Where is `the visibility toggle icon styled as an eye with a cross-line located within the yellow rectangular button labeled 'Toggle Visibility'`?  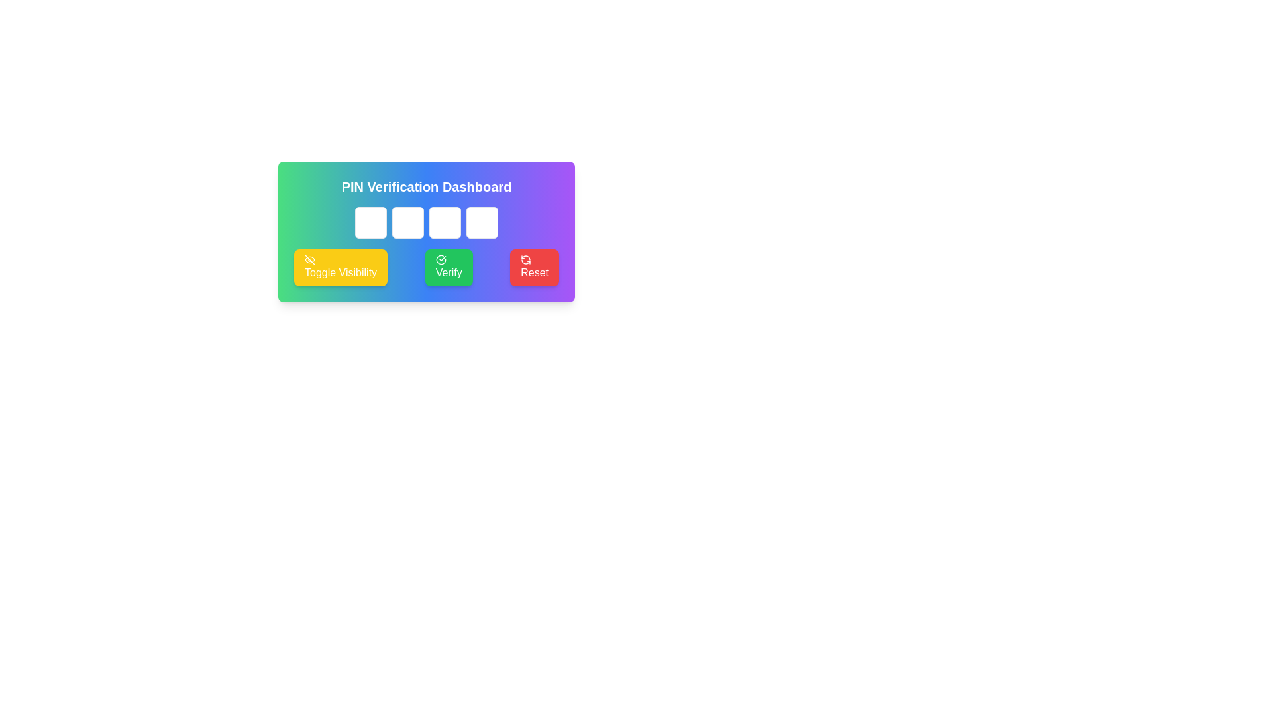 the visibility toggle icon styled as an eye with a cross-line located within the yellow rectangular button labeled 'Toggle Visibility' is located at coordinates (309, 260).